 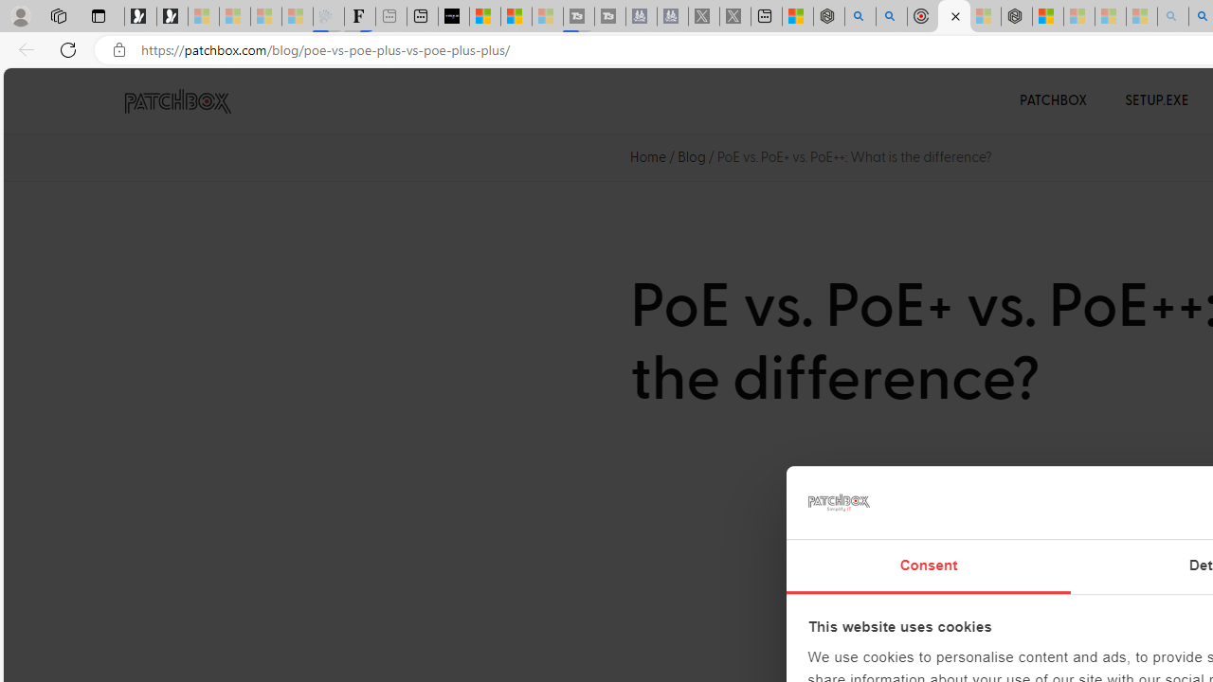 What do you see at coordinates (1156, 100) in the screenshot?
I see `'SETUP.EXE'` at bounding box center [1156, 100].